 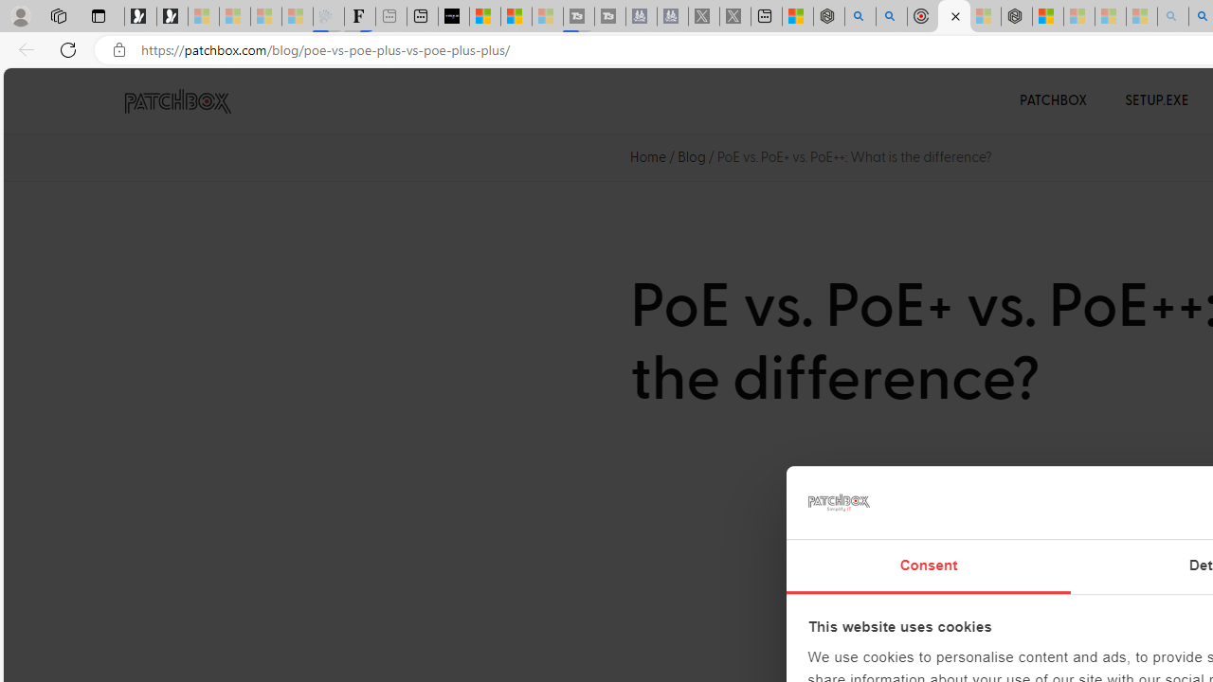 What do you see at coordinates (1156, 100) in the screenshot?
I see `'SETUP.EXE'` at bounding box center [1156, 100].